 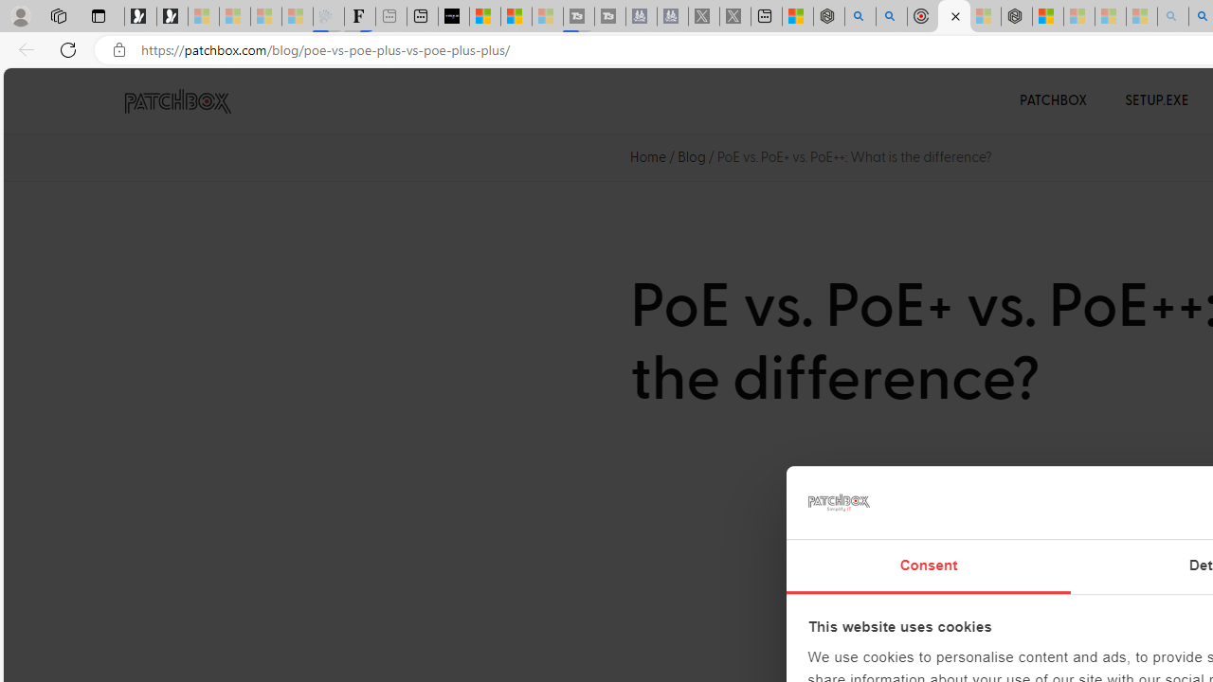 What do you see at coordinates (1156, 100) in the screenshot?
I see `'SETUP.EXE'` at bounding box center [1156, 100].